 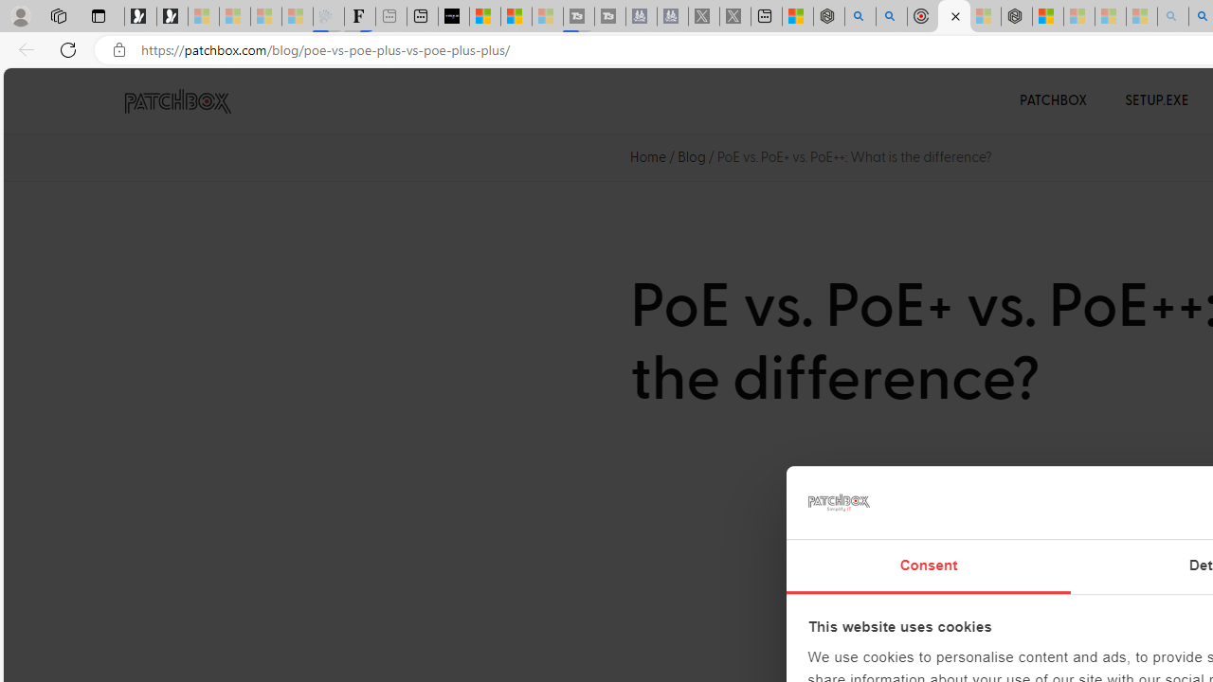 What do you see at coordinates (1156, 100) in the screenshot?
I see `'SETUP.EXE'` at bounding box center [1156, 100].